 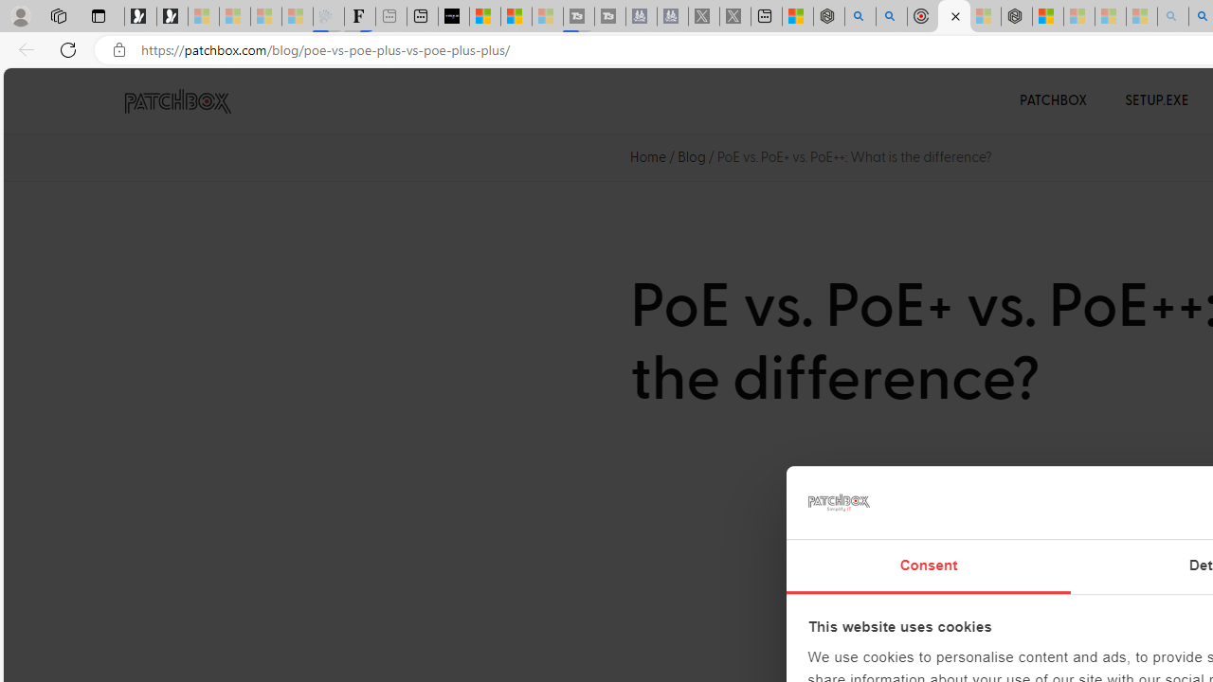 What do you see at coordinates (1156, 100) in the screenshot?
I see `'SETUP.EXE'` at bounding box center [1156, 100].